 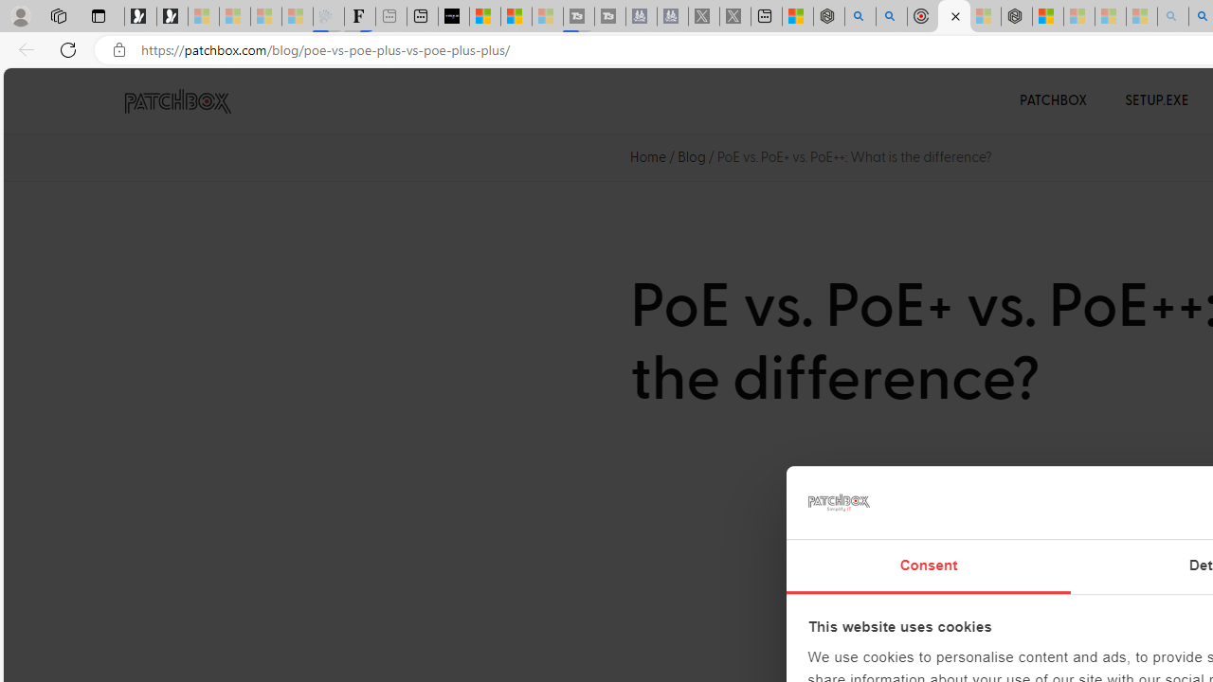 What do you see at coordinates (1156, 100) in the screenshot?
I see `'SETUP.EXE'` at bounding box center [1156, 100].